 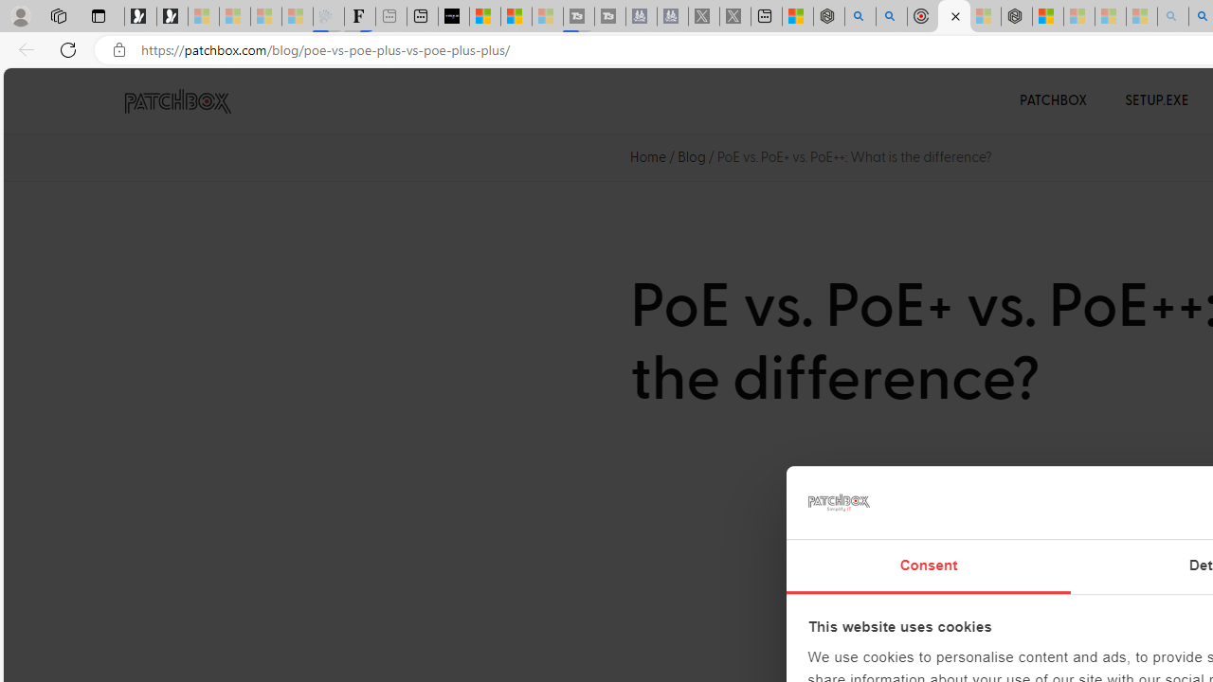 What do you see at coordinates (1156, 100) in the screenshot?
I see `'SETUP.EXE'` at bounding box center [1156, 100].